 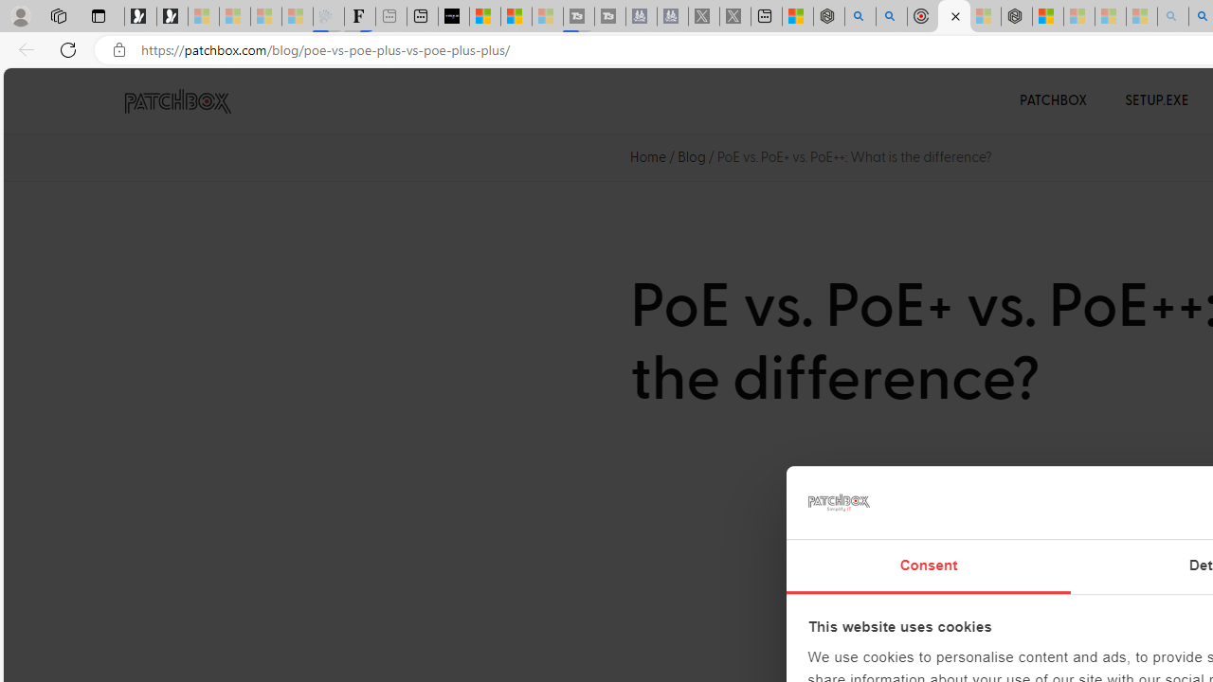 What do you see at coordinates (1156, 100) in the screenshot?
I see `'SETUP.EXE'` at bounding box center [1156, 100].